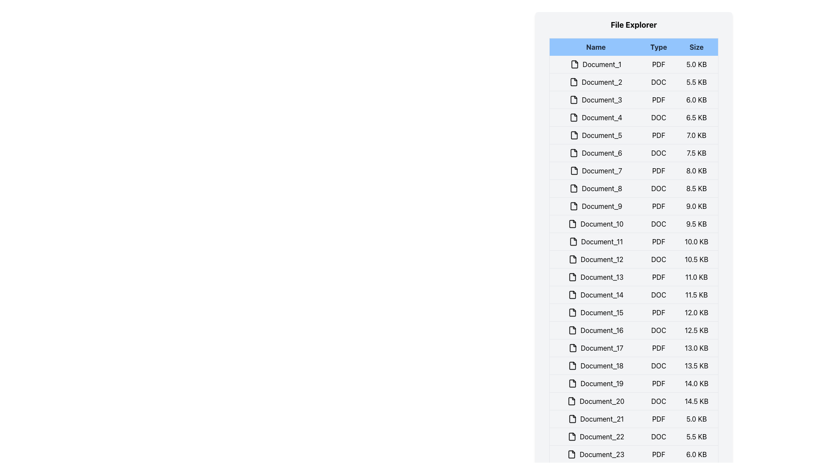 This screenshot has height=467, width=831. What do you see at coordinates (658, 294) in the screenshot?
I see `the Text Label displaying 'DOC', which is bold and black on a white background, located in the row for 'Document_14' between 'Document_14' and '11.5 KB'` at bounding box center [658, 294].